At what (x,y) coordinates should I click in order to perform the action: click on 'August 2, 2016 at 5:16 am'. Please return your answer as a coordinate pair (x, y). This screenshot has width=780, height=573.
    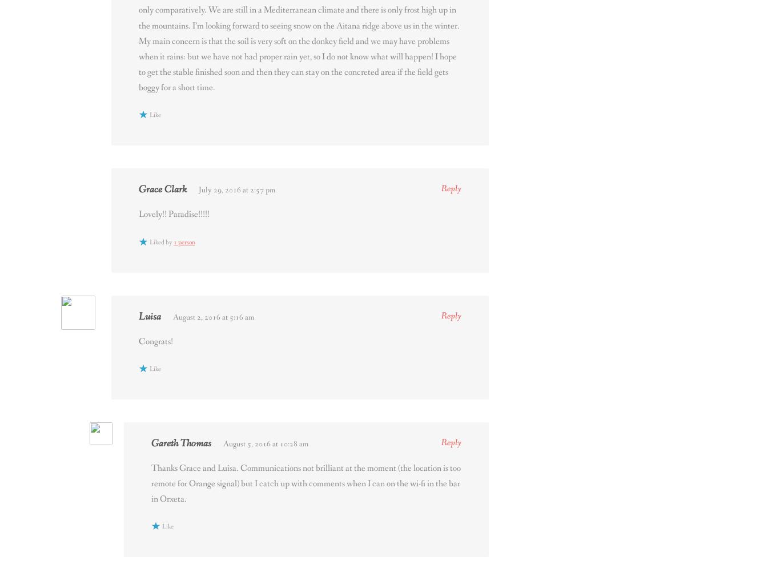
    Looking at the image, I should click on (213, 317).